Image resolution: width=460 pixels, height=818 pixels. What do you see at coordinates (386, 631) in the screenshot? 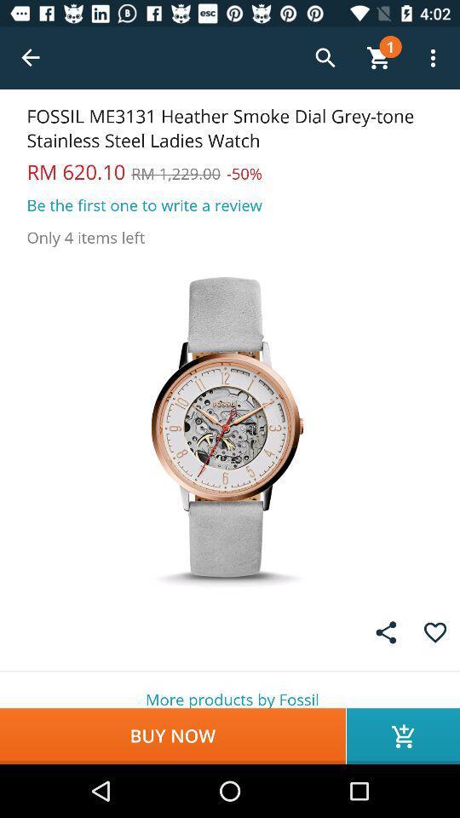
I see `sharing options` at bounding box center [386, 631].